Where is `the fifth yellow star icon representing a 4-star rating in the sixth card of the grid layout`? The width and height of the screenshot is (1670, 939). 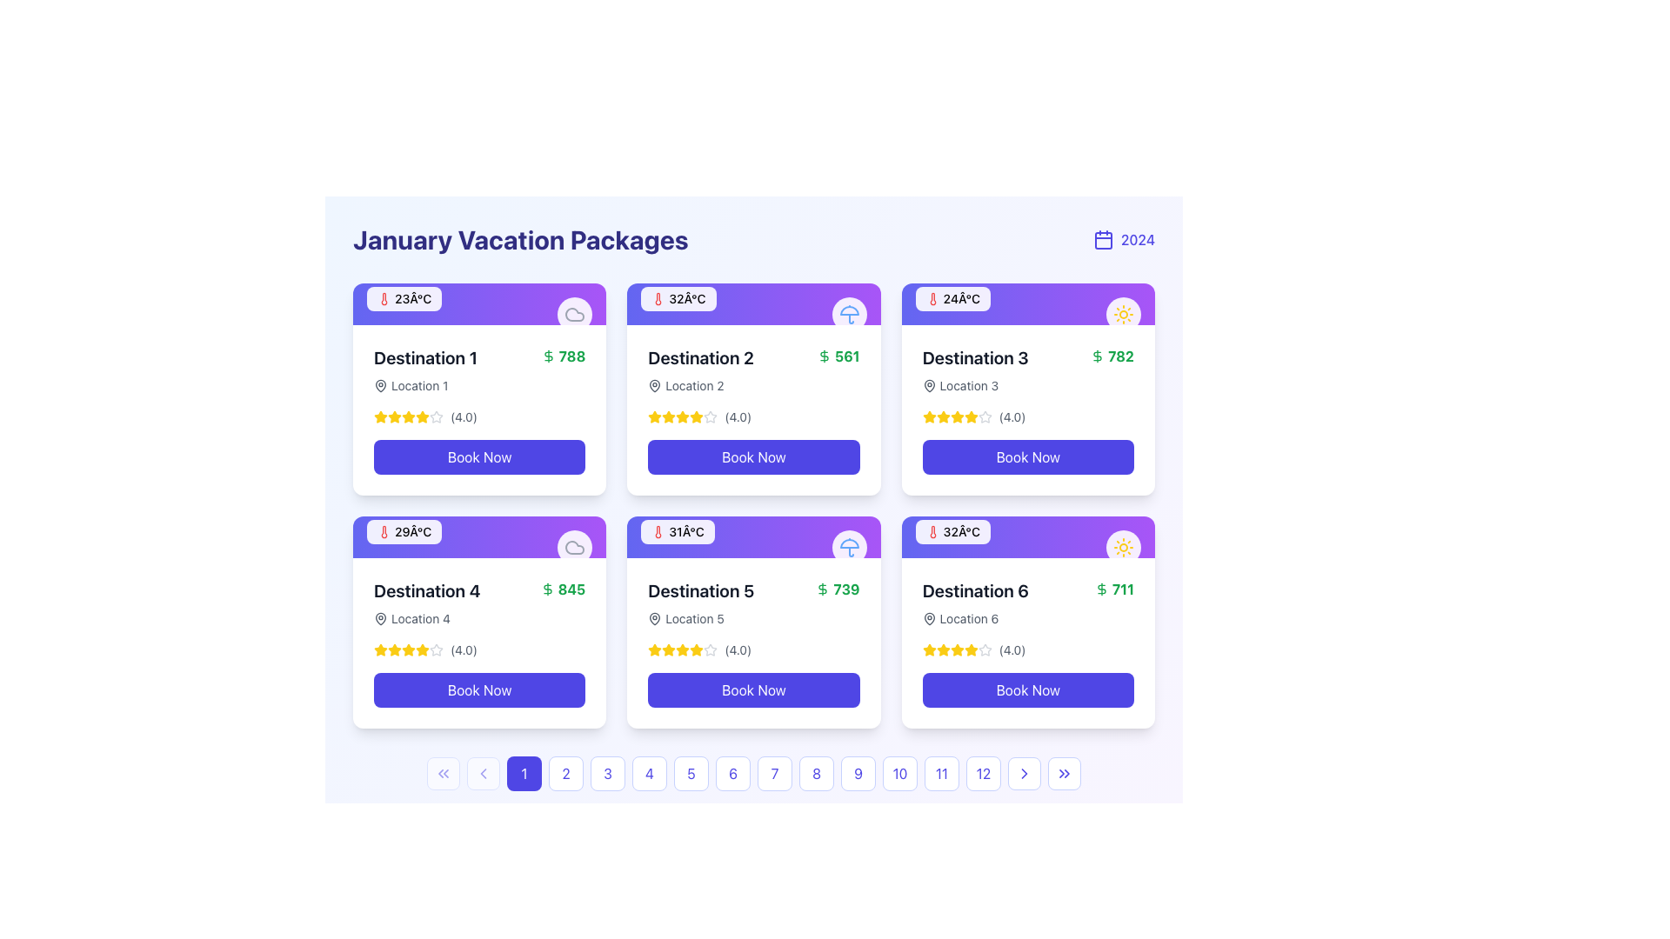
the fifth yellow star icon representing a 4-star rating in the sixth card of the grid layout is located at coordinates (970, 650).